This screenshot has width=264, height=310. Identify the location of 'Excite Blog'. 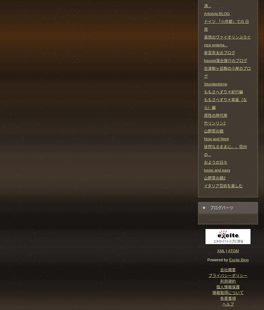
(238, 259).